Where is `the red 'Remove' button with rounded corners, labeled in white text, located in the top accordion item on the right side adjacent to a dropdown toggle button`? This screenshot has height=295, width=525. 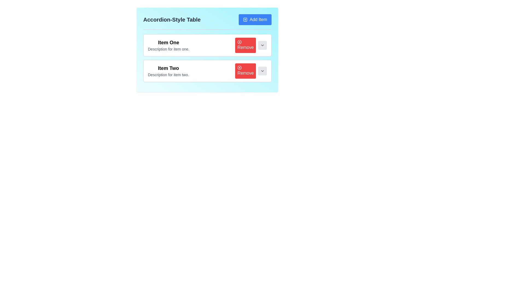 the red 'Remove' button with rounded corners, labeled in white text, located in the top accordion item on the right side adjacent to a dropdown toggle button is located at coordinates (245, 45).